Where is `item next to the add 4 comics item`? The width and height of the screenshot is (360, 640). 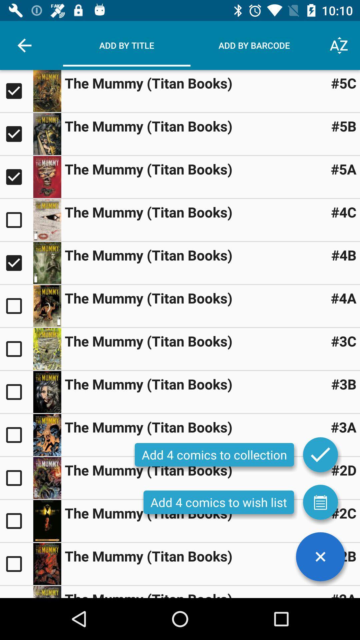 item next to the add 4 comics item is located at coordinates (320, 502).